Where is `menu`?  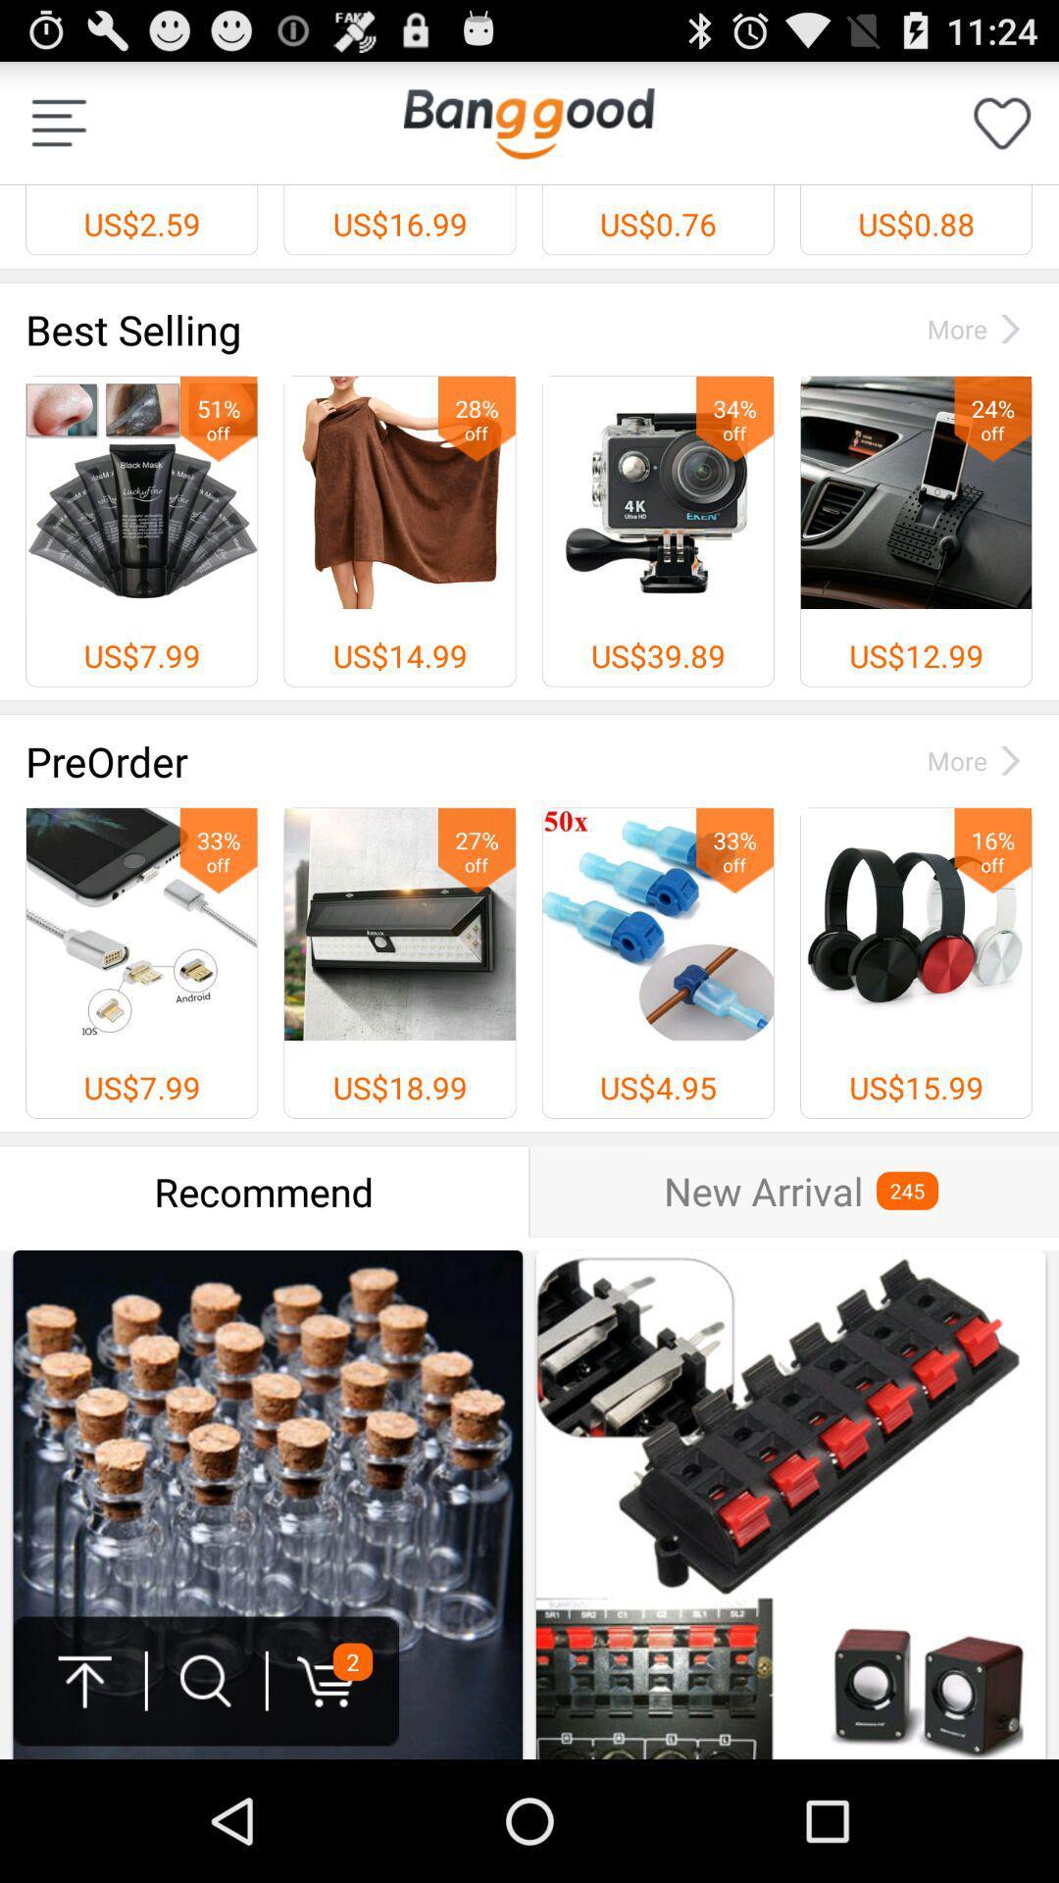
menu is located at coordinates (58, 122).